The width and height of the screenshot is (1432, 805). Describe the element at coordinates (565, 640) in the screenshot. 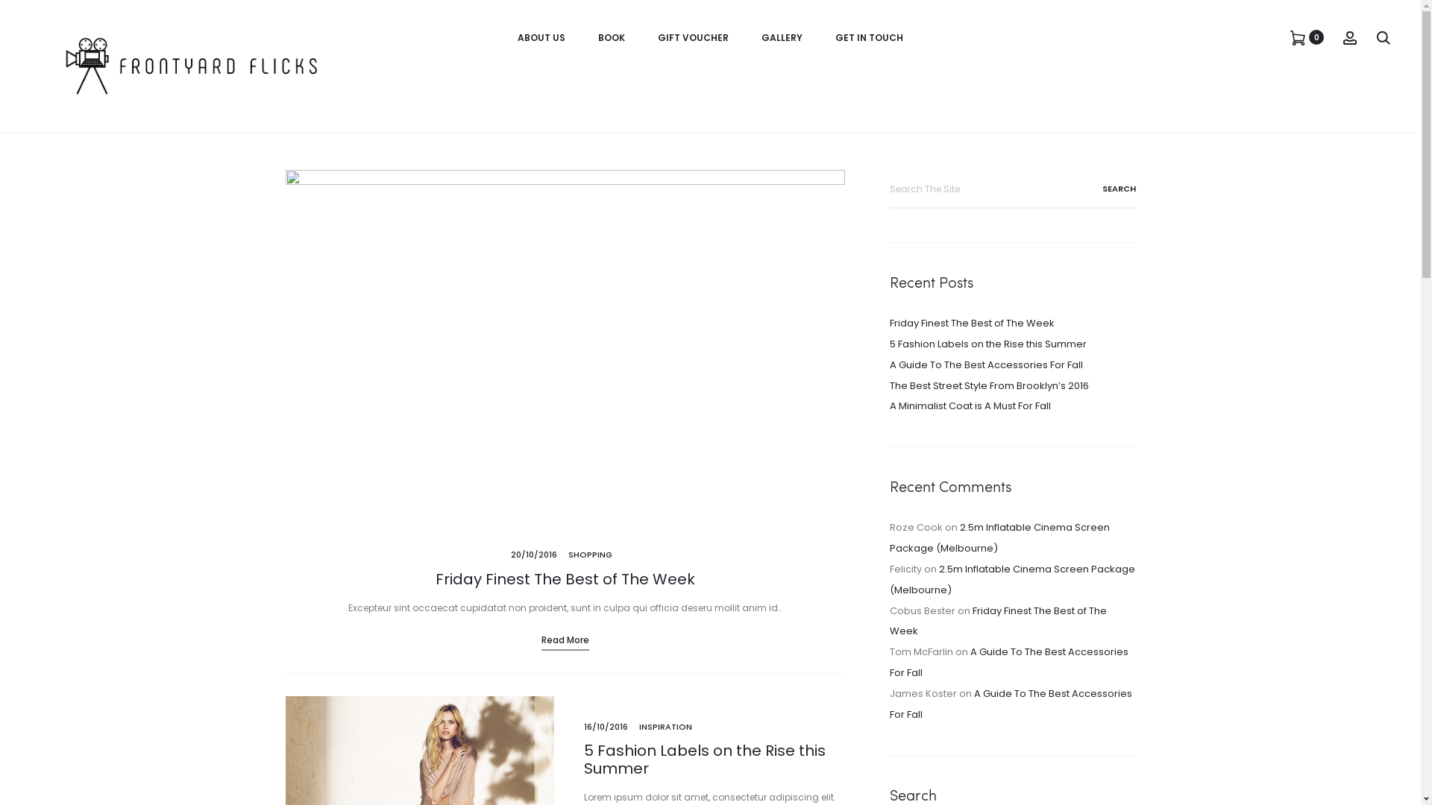

I see `'Read More'` at that location.